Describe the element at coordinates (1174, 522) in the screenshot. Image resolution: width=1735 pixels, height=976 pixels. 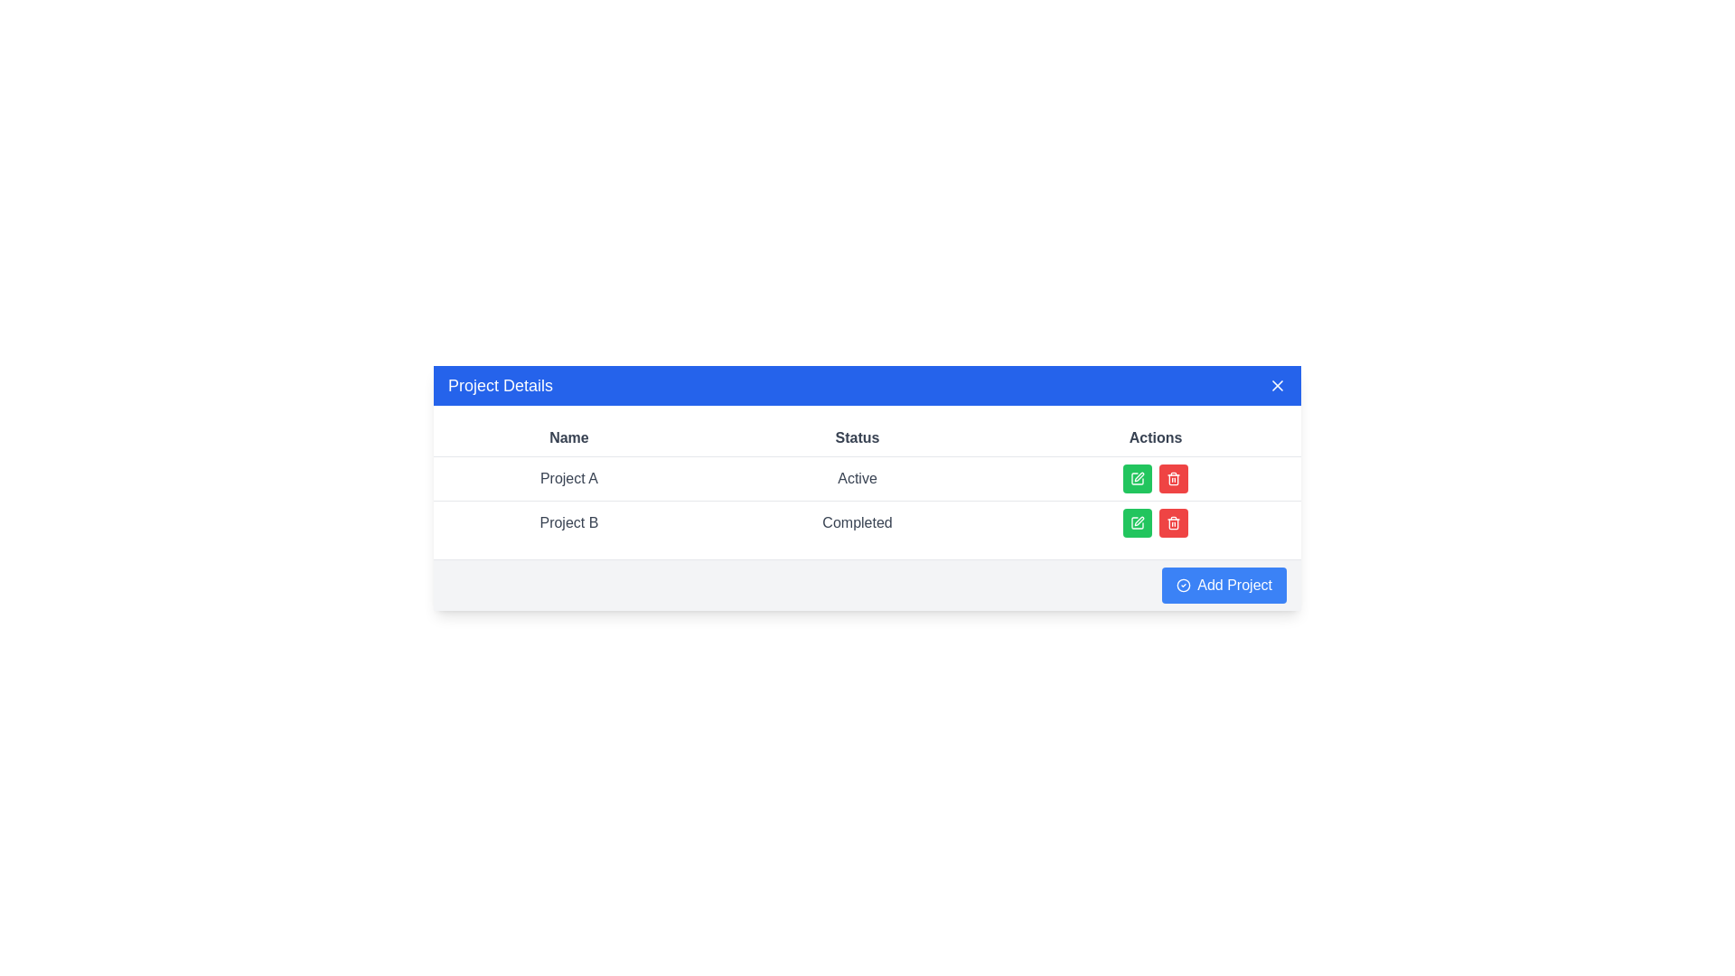
I see `the delete button with an icon for 'Project B', which is the second button in the Actions column of the list` at that location.